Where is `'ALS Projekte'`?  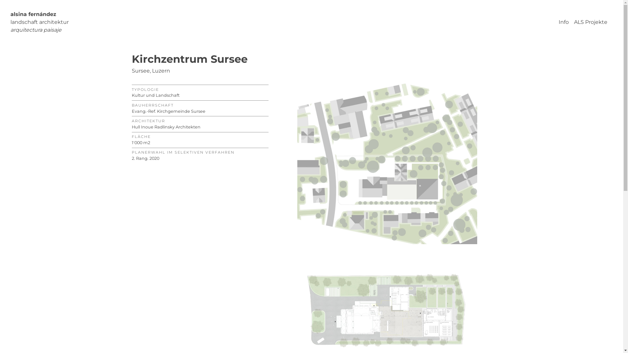 'ALS Projekte' is located at coordinates (590, 22).